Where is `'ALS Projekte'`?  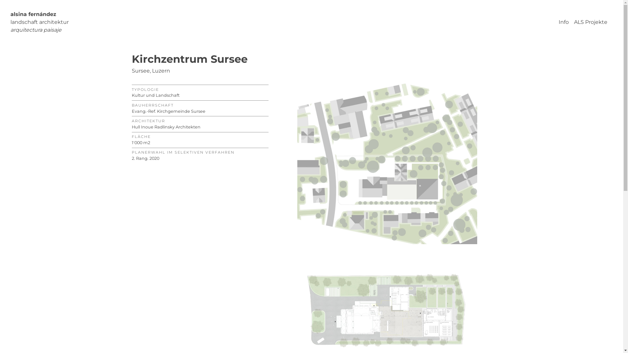 'ALS Projekte' is located at coordinates (590, 22).